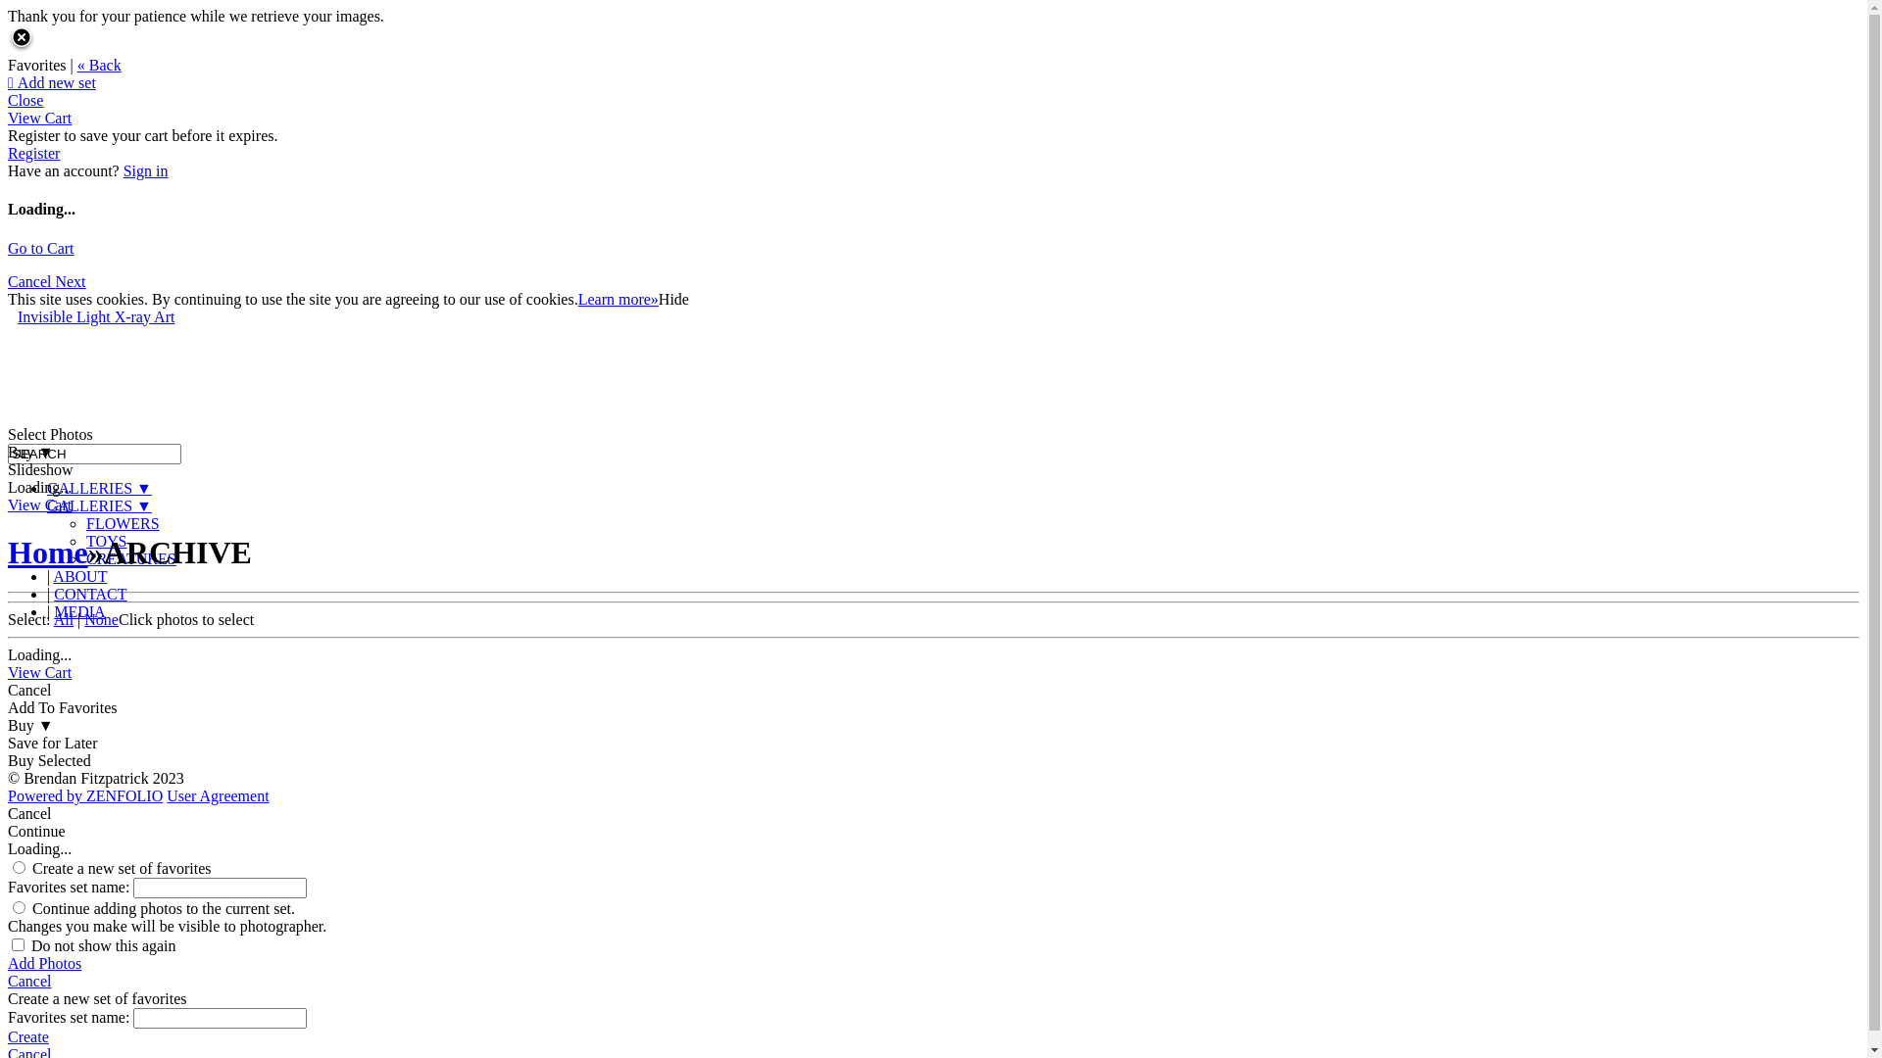 The height and width of the screenshot is (1058, 1882). I want to click on 'Hide', so click(673, 299).